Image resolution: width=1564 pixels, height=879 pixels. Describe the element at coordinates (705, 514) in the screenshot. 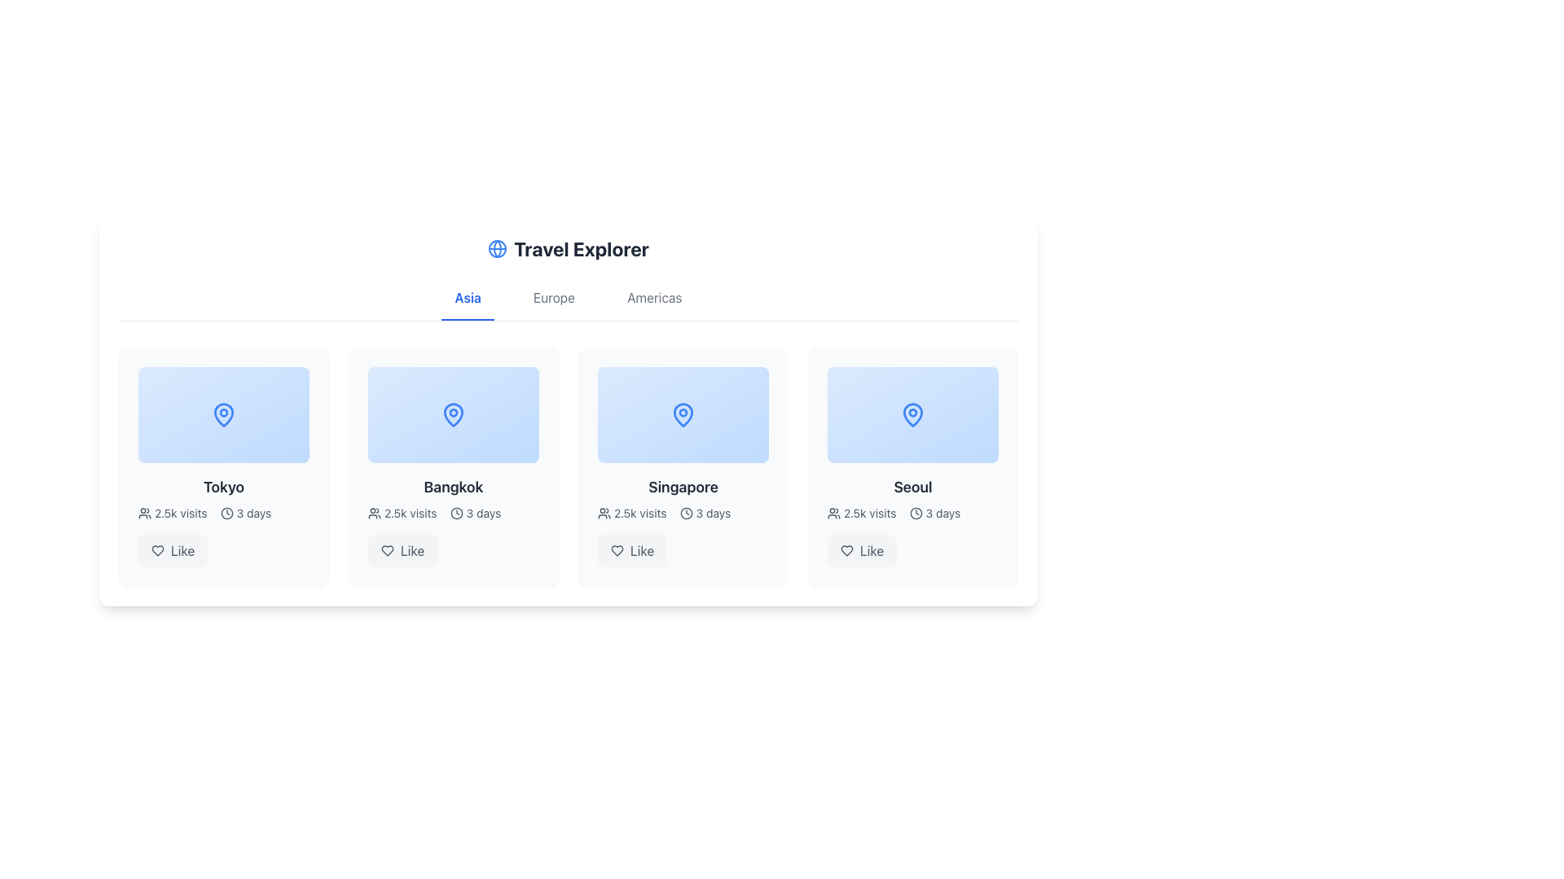

I see `informational UI component displaying the duration '3 days', which includes a clock icon and is located beneath the title 'Singapore' and aligned with '2.5k visits'` at that location.